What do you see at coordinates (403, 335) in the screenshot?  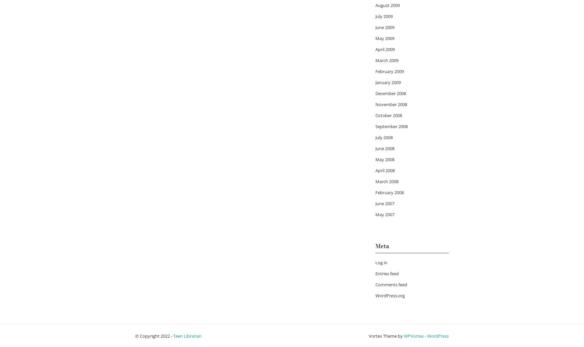 I see `'WPVortex'` at bounding box center [403, 335].